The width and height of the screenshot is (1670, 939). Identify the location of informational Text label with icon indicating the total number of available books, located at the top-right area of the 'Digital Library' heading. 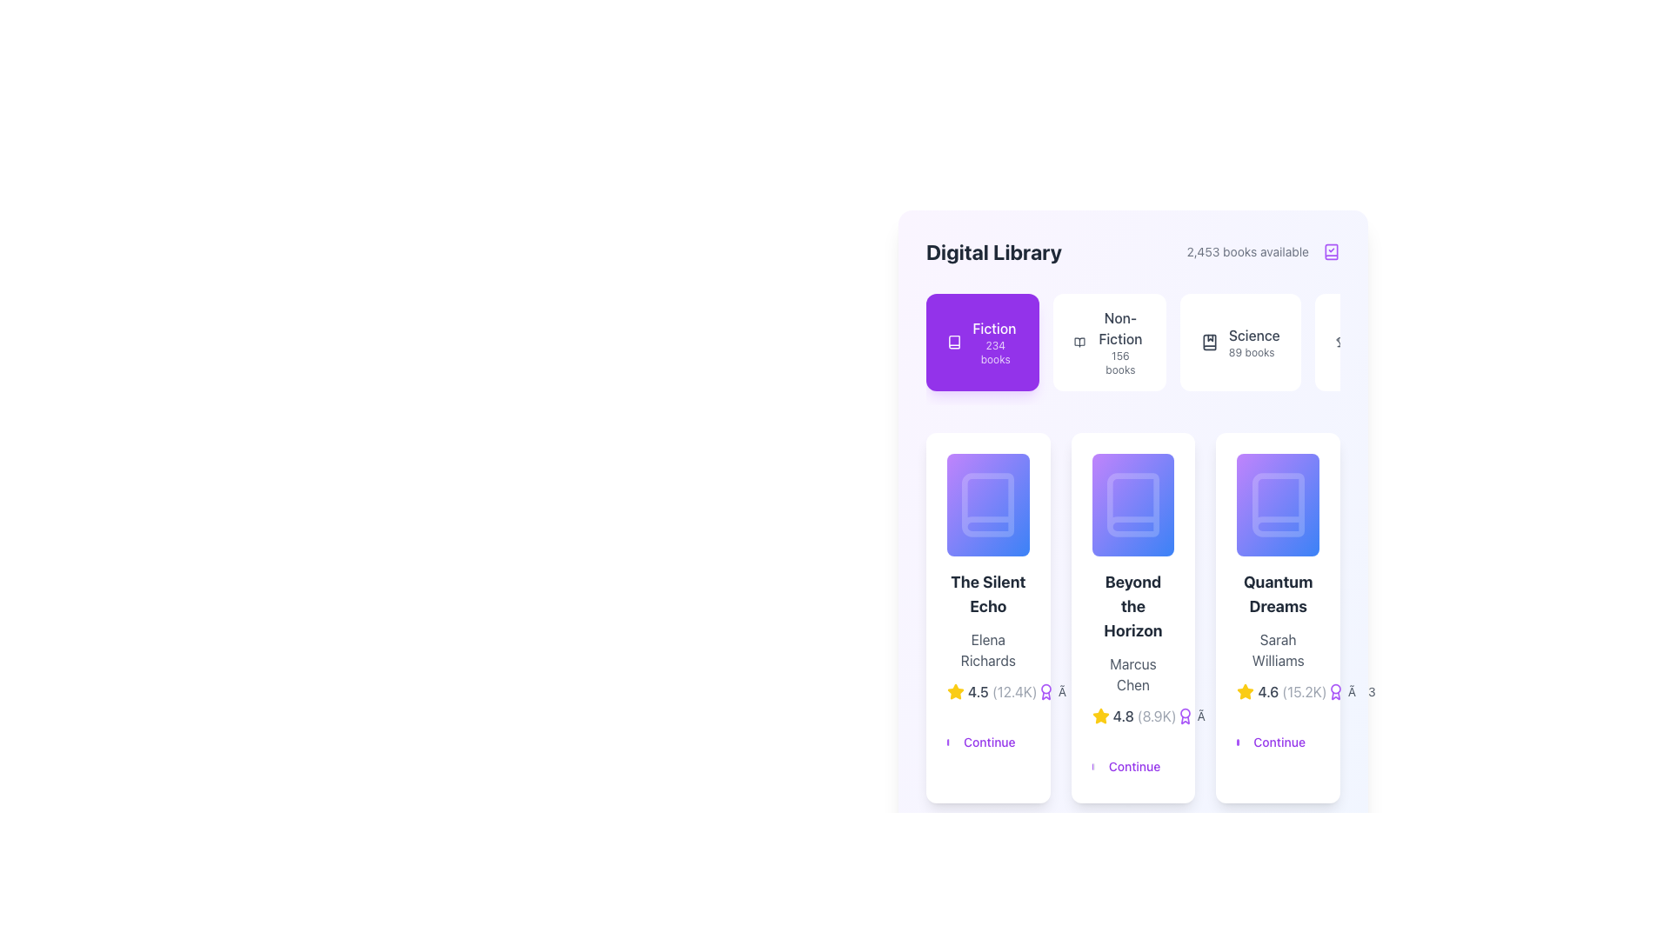
(1263, 251).